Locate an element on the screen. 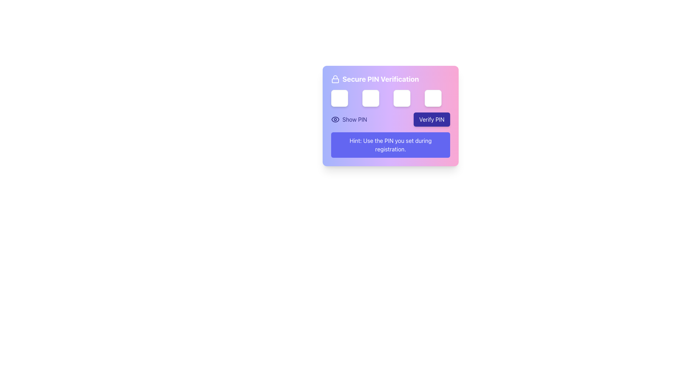  the header element displaying the lock icon and the text 'Secure PIN Verification' on a gradient background is located at coordinates (390, 79).